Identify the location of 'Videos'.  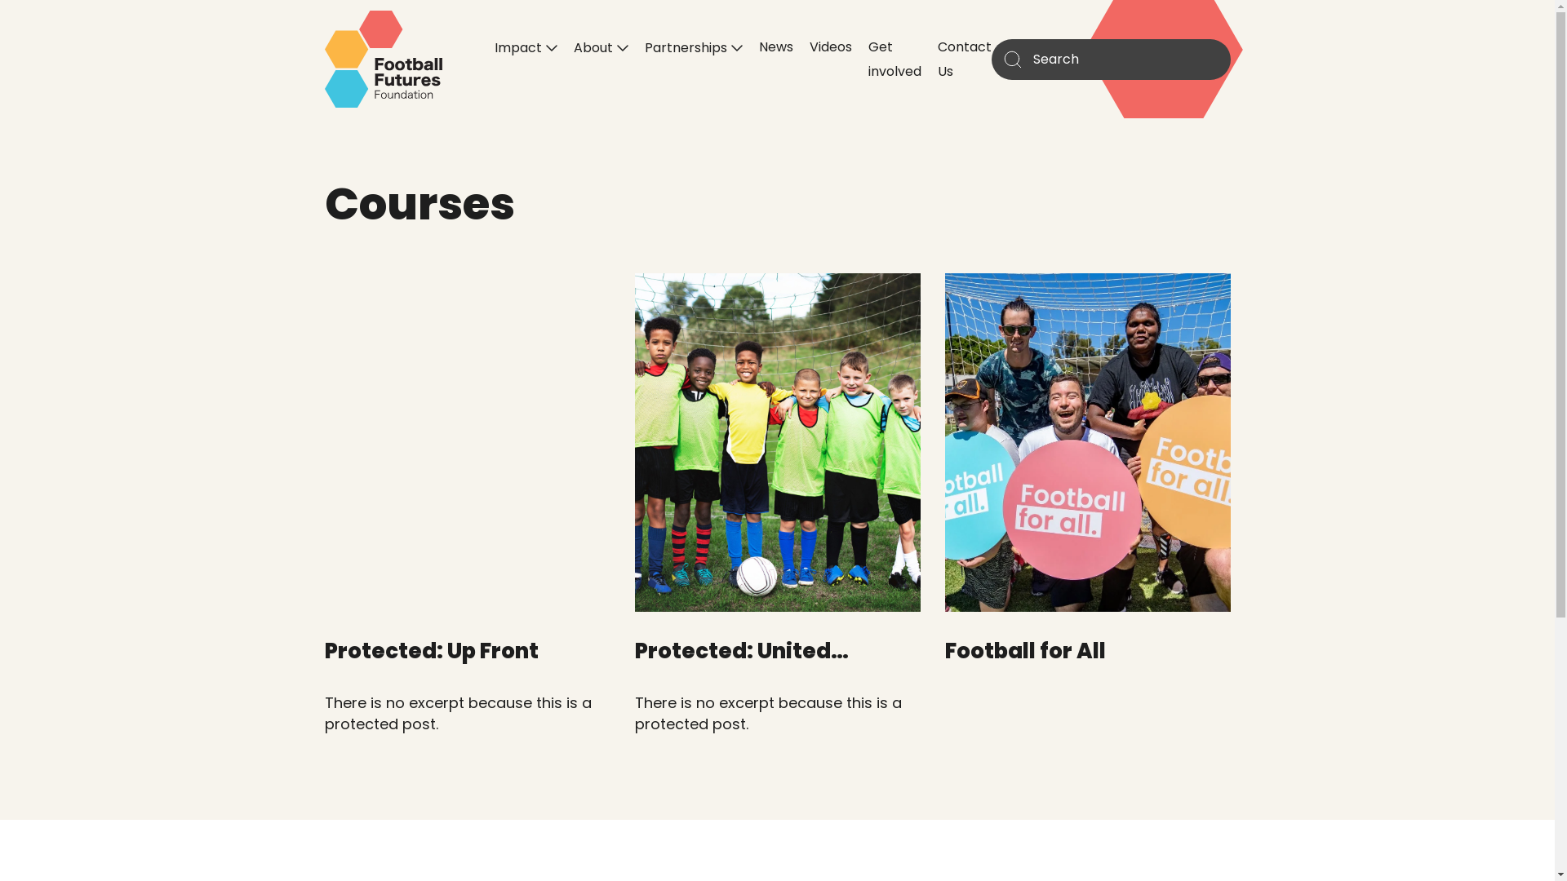
(830, 46).